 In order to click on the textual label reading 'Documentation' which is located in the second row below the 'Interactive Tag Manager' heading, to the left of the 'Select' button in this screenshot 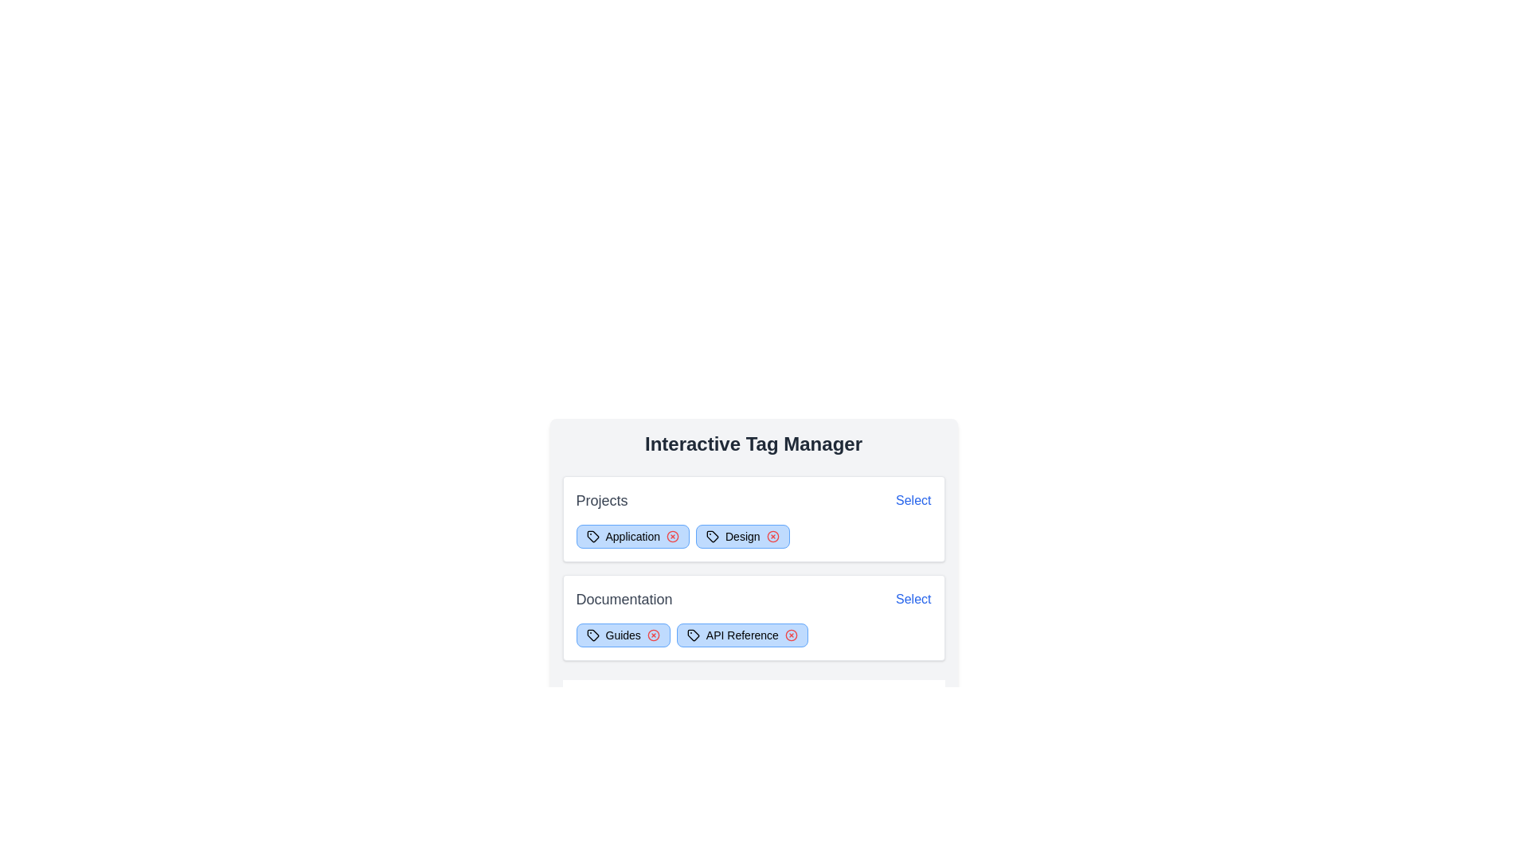, I will do `click(624, 599)`.